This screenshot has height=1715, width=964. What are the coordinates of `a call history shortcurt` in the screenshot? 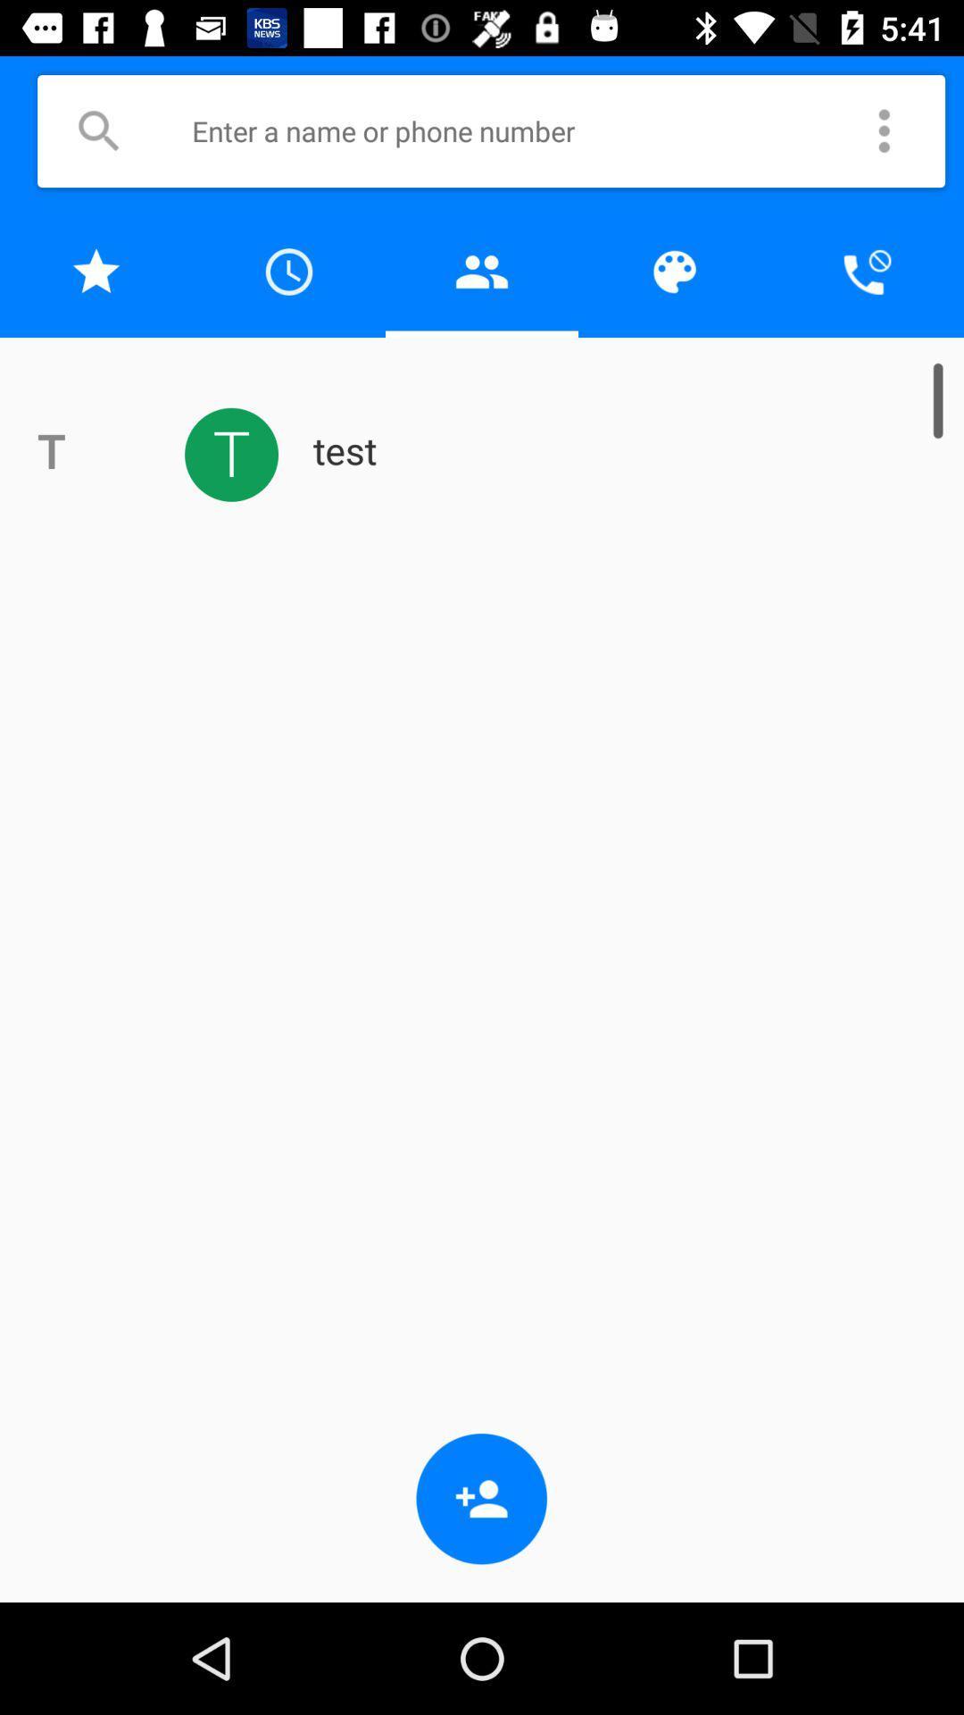 It's located at (288, 271).